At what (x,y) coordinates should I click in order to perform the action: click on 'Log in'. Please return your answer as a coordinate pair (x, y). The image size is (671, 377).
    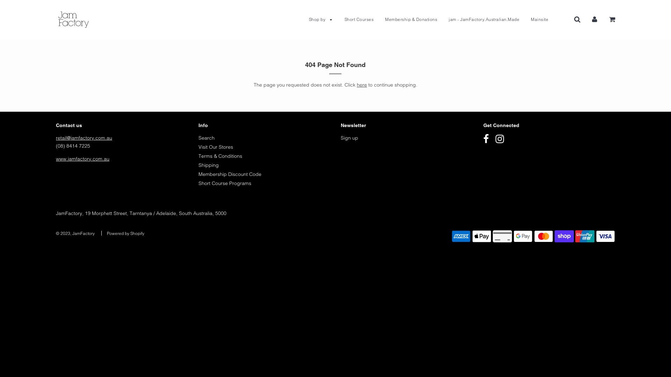
    Looking at the image, I should click on (594, 19).